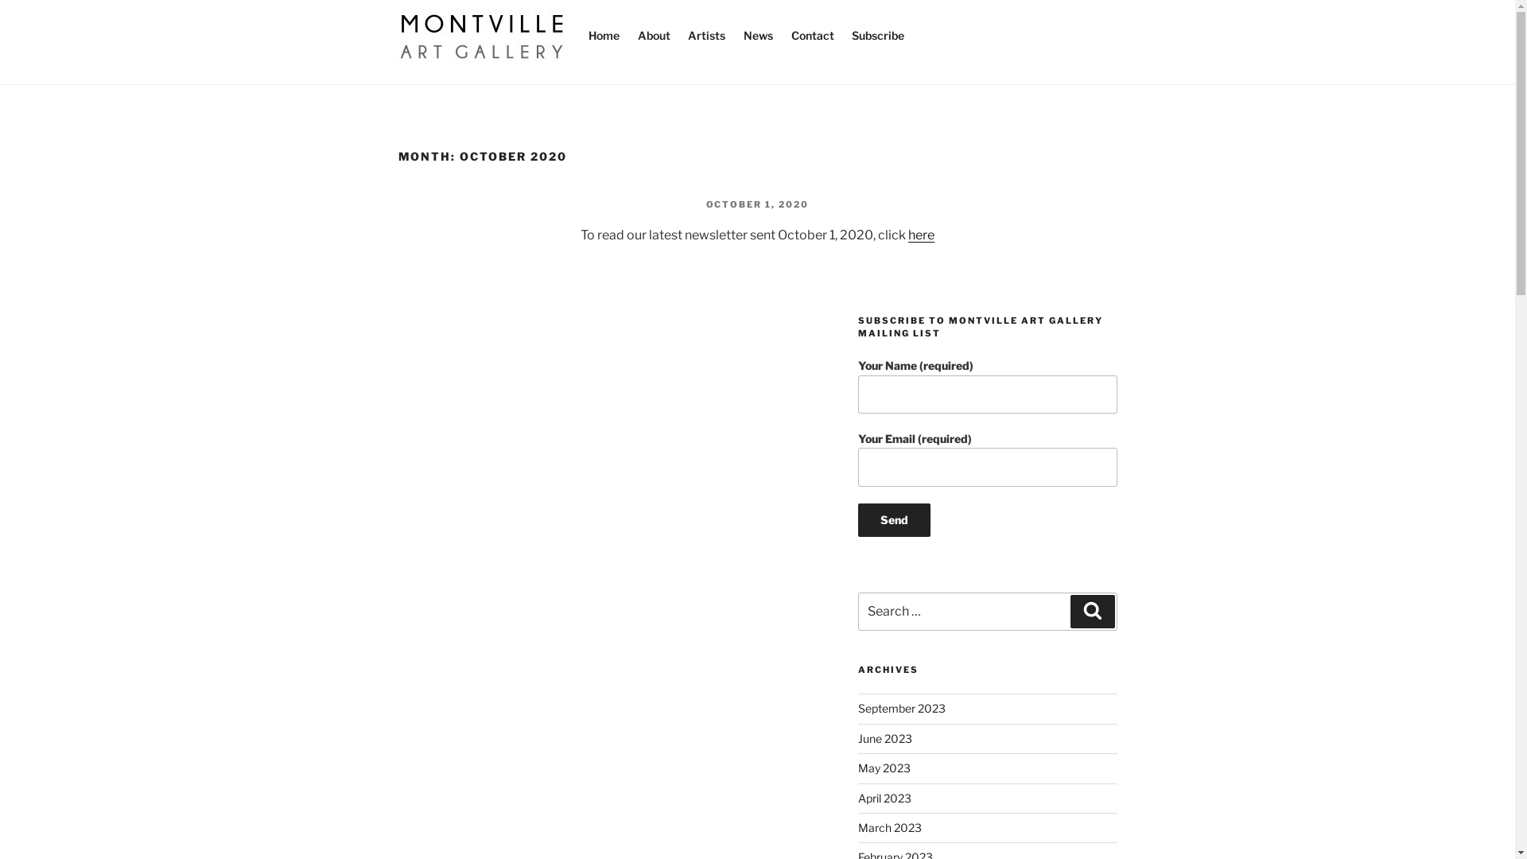  I want to click on 'here', so click(921, 235).